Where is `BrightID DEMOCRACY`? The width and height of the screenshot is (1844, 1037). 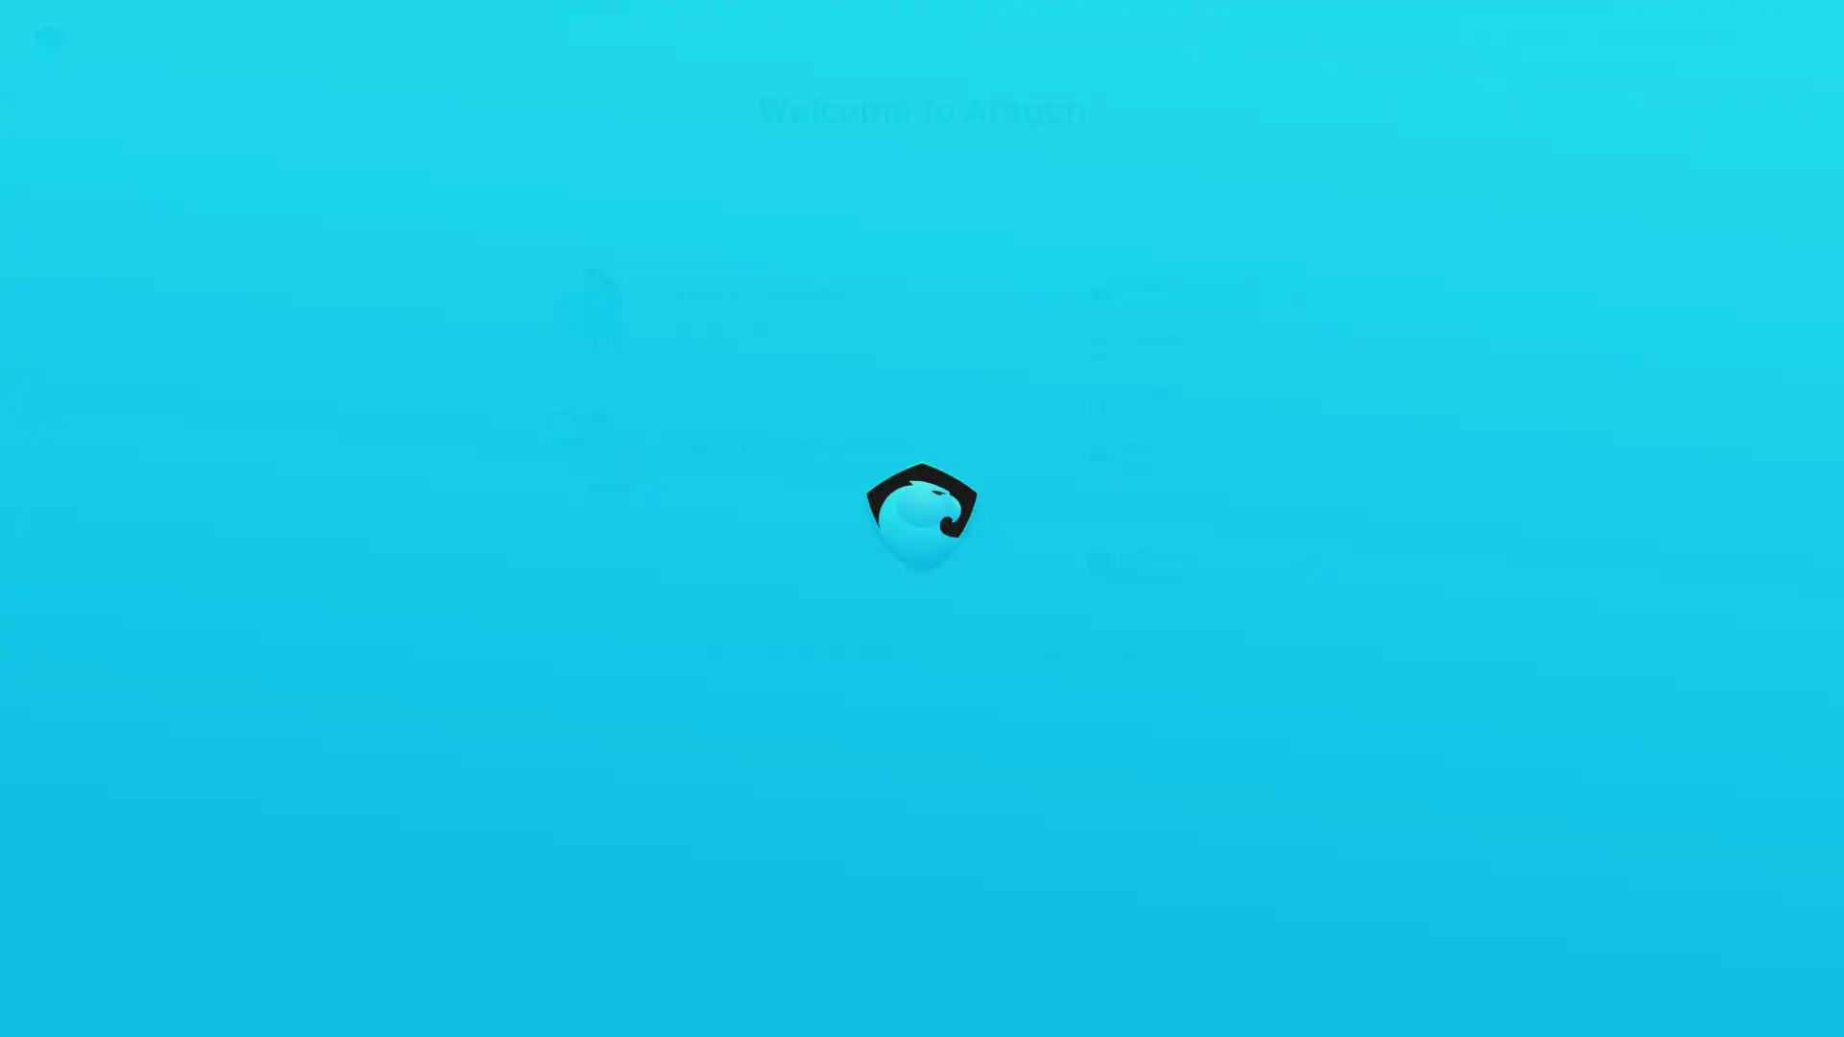 BrightID DEMOCRACY is located at coordinates (1178, 509).